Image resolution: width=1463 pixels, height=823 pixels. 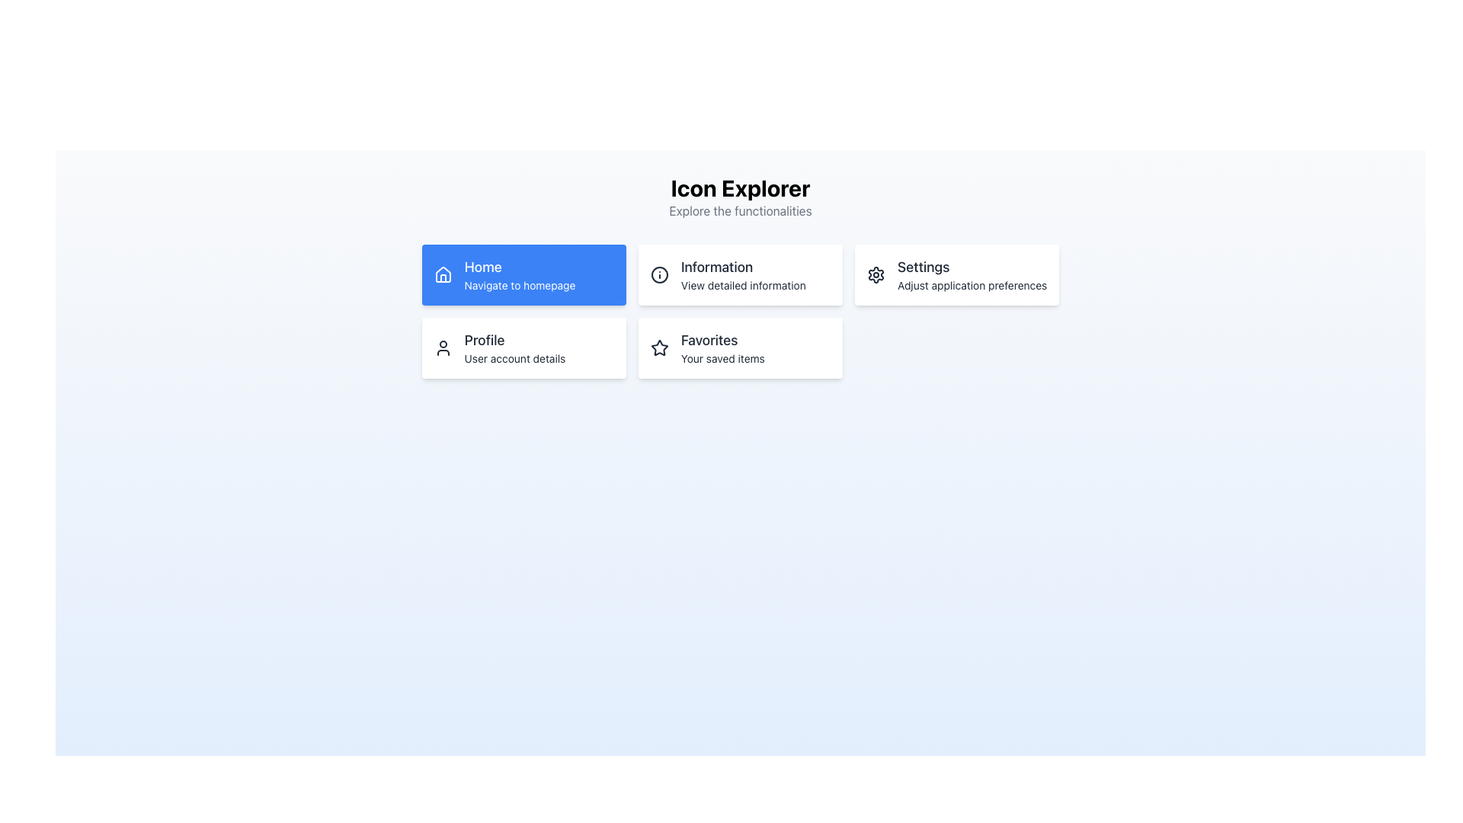 I want to click on the user icon represented by a simple line drawing of a person within the 'Profile' card, which is located in the bottom-left region of the visible card grid, so click(x=442, y=347).